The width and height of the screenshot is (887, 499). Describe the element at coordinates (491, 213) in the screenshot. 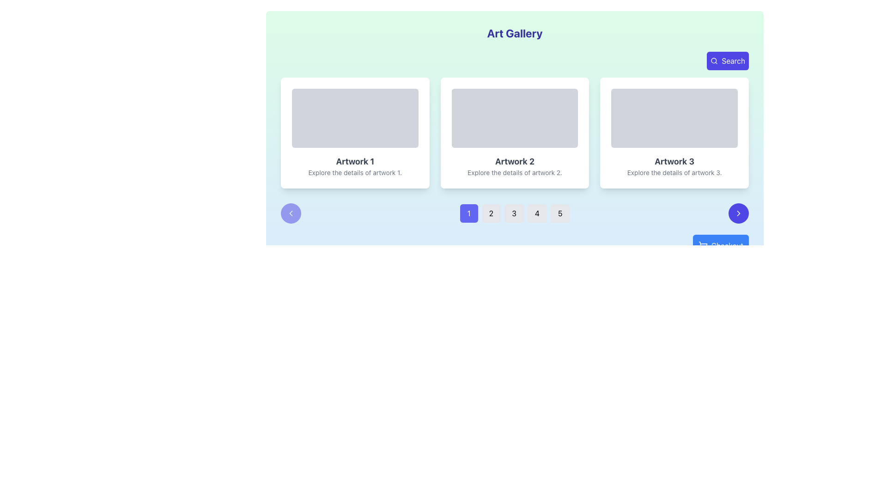

I see `the second button in the pagination control` at that location.